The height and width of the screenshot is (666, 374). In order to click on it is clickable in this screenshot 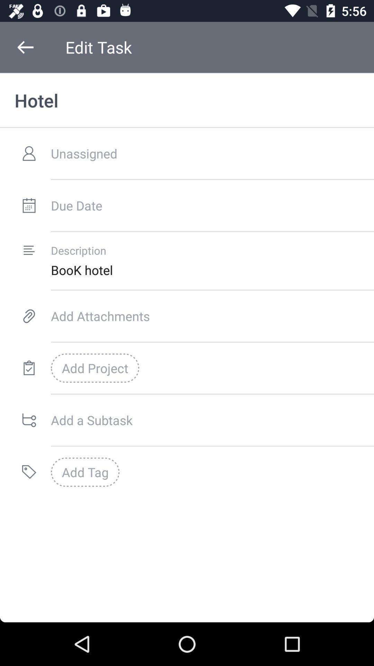, I will do `click(29, 205)`.